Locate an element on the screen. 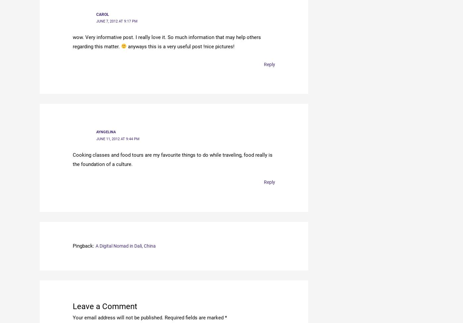 The width and height of the screenshot is (463, 323). 'June 7, 2012 at 9:17 pm' is located at coordinates (119, 21).